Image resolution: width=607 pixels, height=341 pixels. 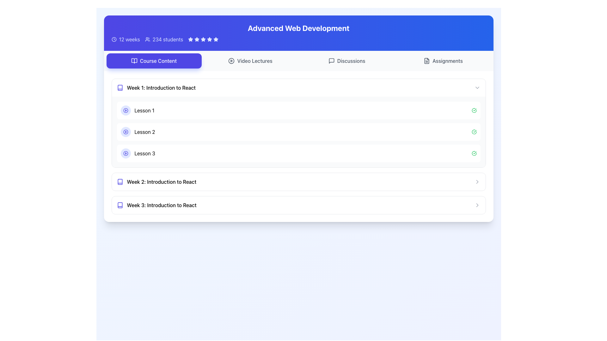 I want to click on the 'Course Content' icon located in the top header section of the interface, so click(x=134, y=61).